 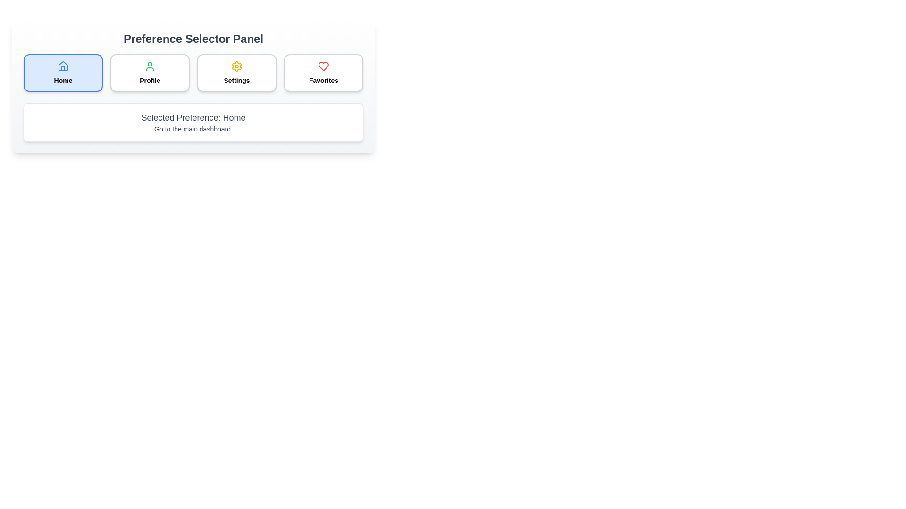 I want to click on the text label that says 'Go to the main dashboard.', which is styled with a smaller font size and located below the 'Selected Preference: Home' text inside a rounded rectangle box, so click(x=193, y=129).